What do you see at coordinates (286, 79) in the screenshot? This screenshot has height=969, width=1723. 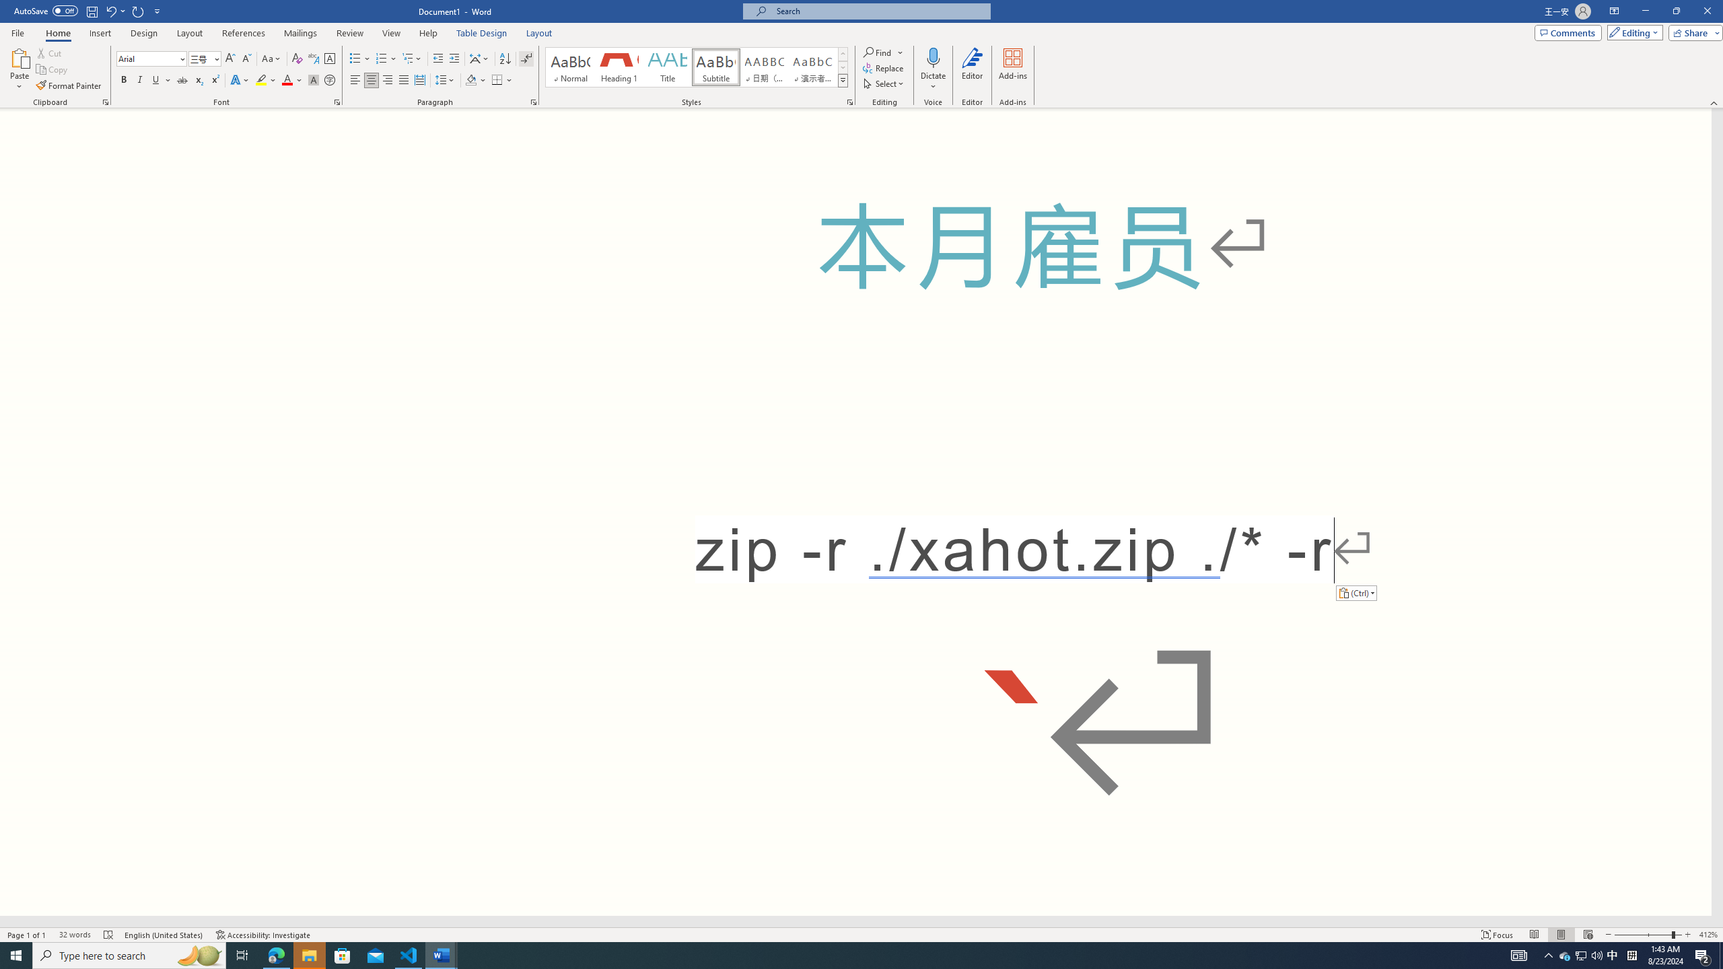 I see `'Font Color Red'` at bounding box center [286, 79].